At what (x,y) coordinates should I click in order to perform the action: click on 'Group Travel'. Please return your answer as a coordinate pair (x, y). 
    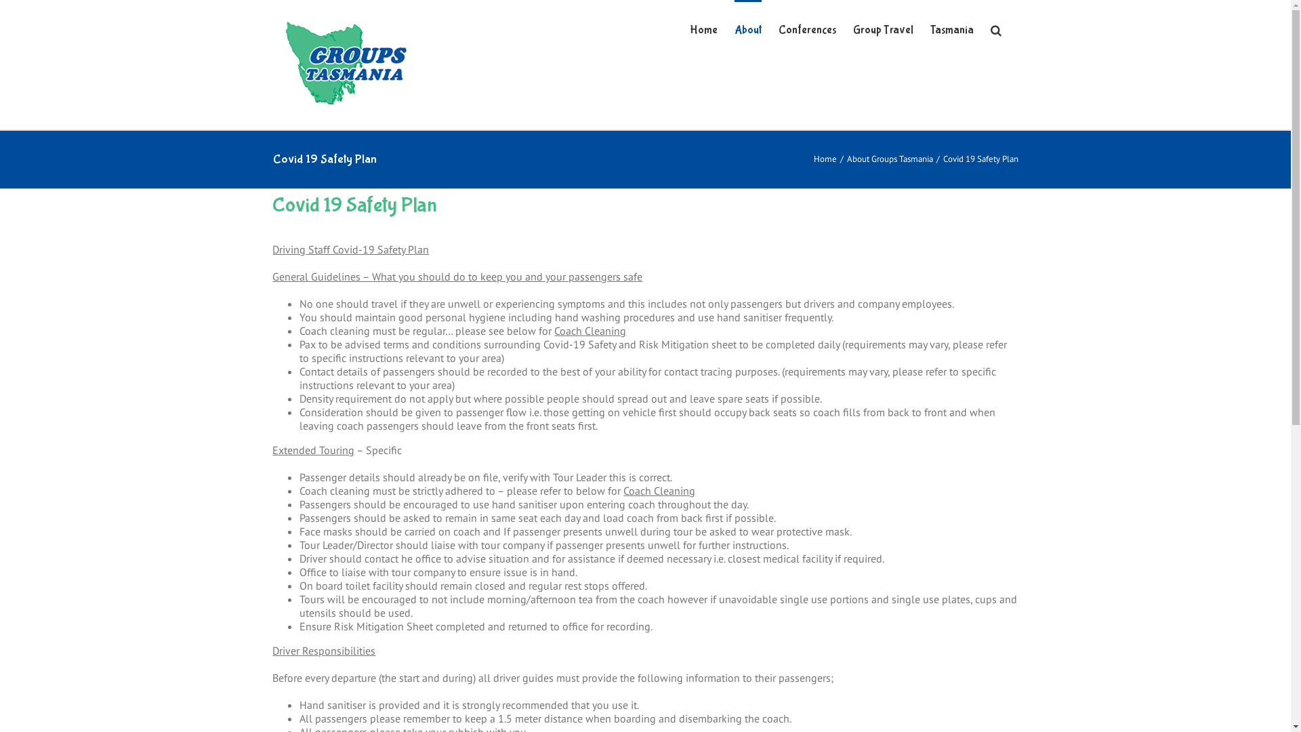
    Looking at the image, I should click on (882, 28).